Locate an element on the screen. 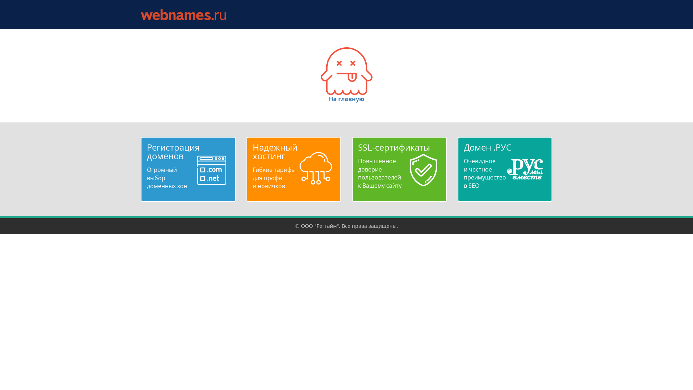  'webnames.ru' is located at coordinates (183, 14).